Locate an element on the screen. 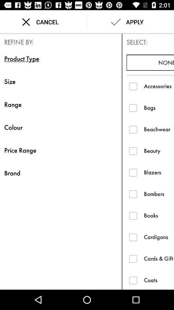  mark bags is located at coordinates (133, 108).